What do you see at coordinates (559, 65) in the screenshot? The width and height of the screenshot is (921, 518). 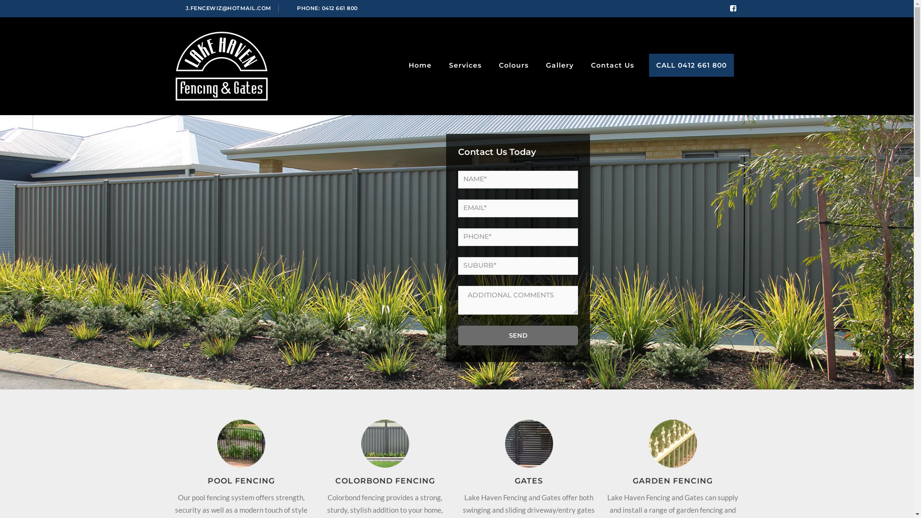 I see `'Gallery'` at bounding box center [559, 65].